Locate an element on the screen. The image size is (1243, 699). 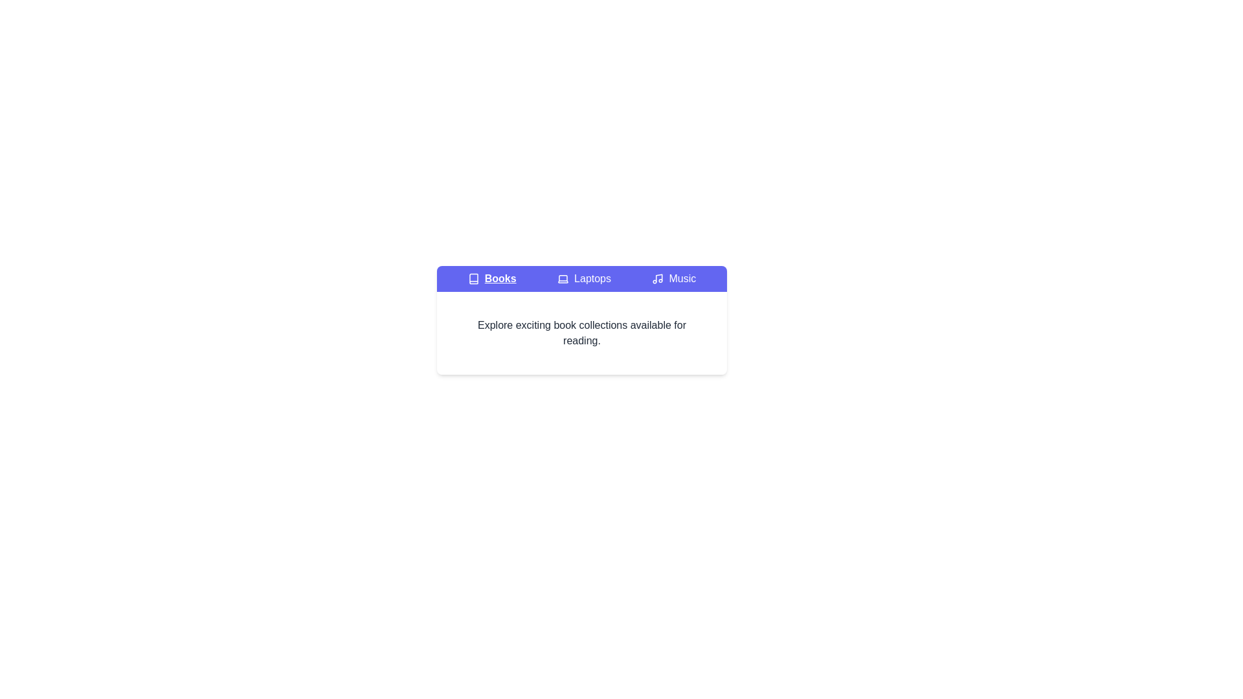
the Books tab is located at coordinates (491, 278).